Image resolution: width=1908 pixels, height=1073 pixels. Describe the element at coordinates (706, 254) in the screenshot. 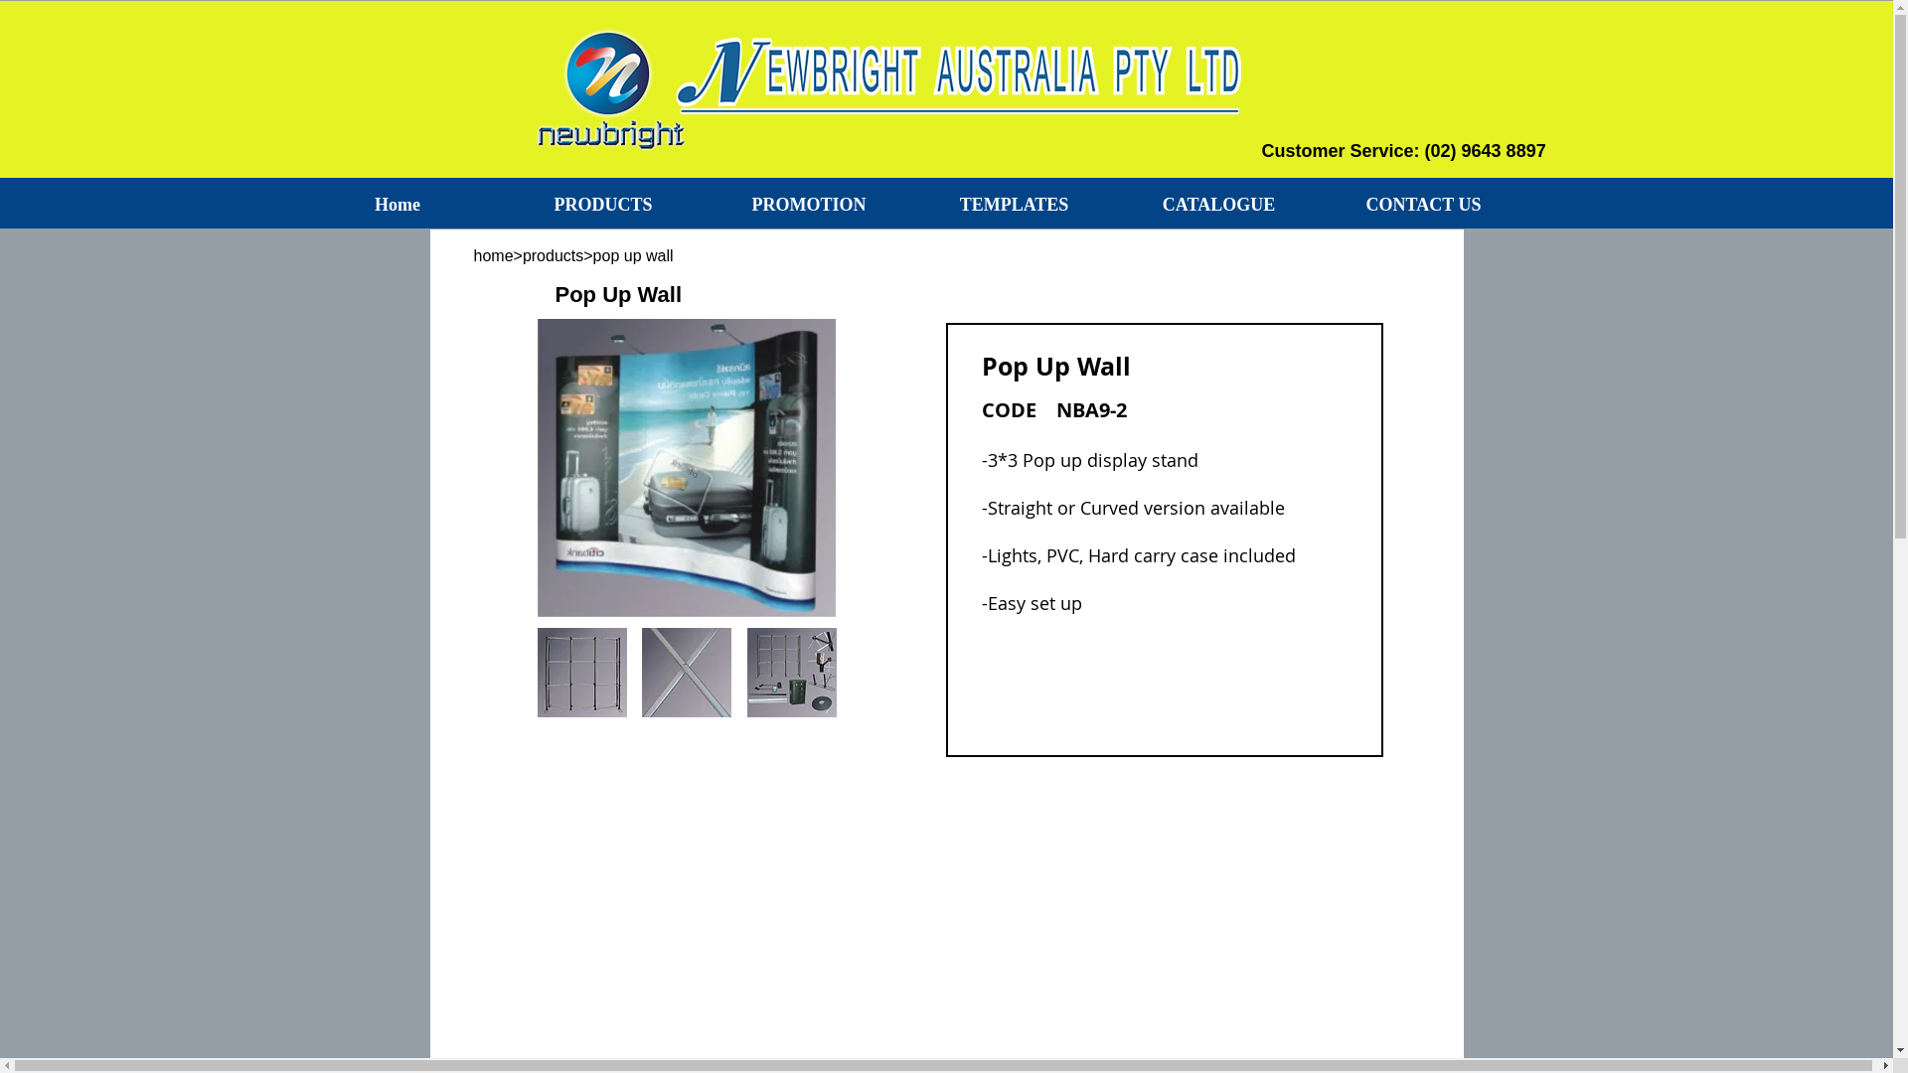

I see `'pop up wall                                 '` at that location.